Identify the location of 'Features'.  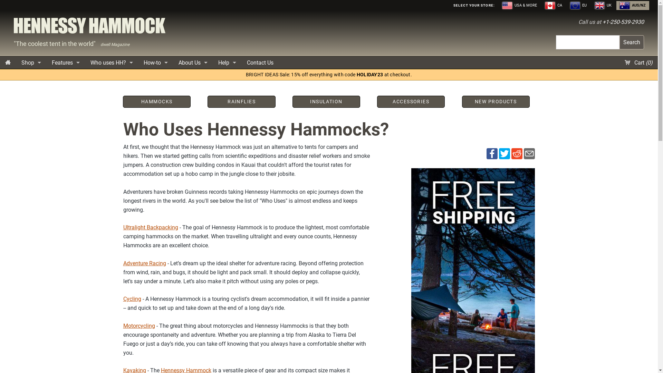
(66, 63).